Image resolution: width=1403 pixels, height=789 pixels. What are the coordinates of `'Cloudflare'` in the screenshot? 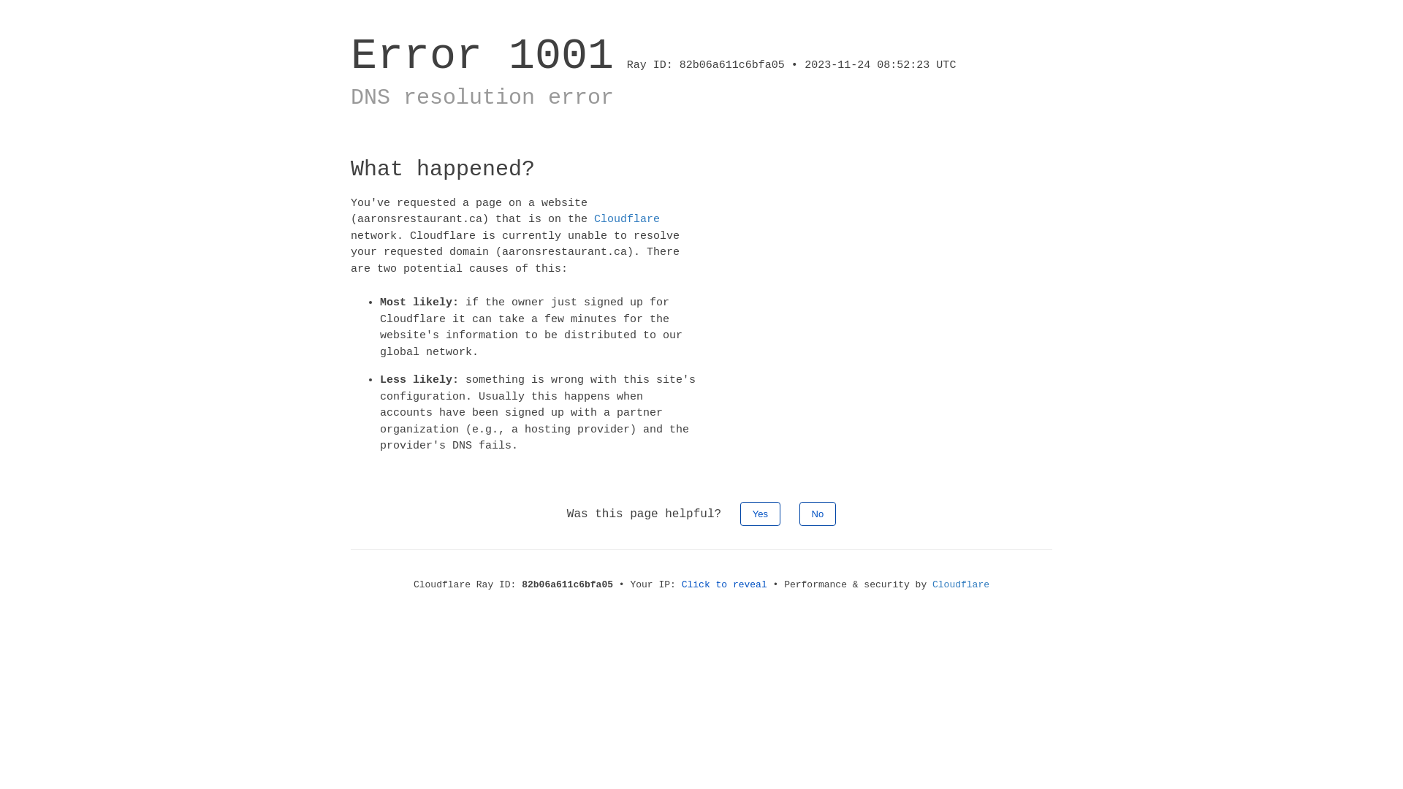 It's located at (961, 583).